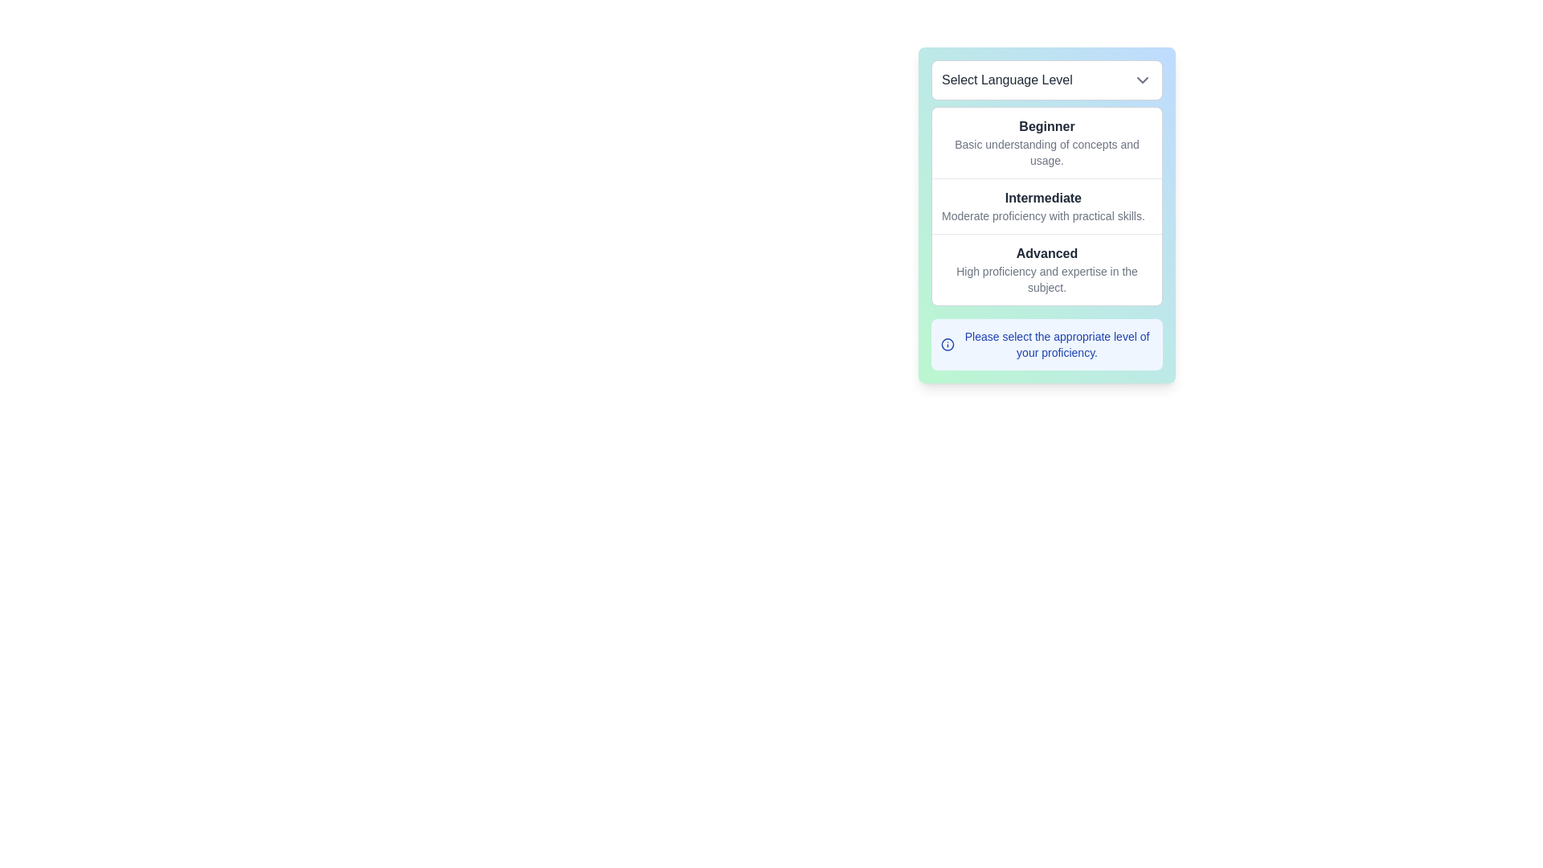 Image resolution: width=1543 pixels, height=868 pixels. I want to click on informational message box with a light blue background and blue font that prompts 'Please select the appropriate level of your proficiency.', so click(1046, 343).